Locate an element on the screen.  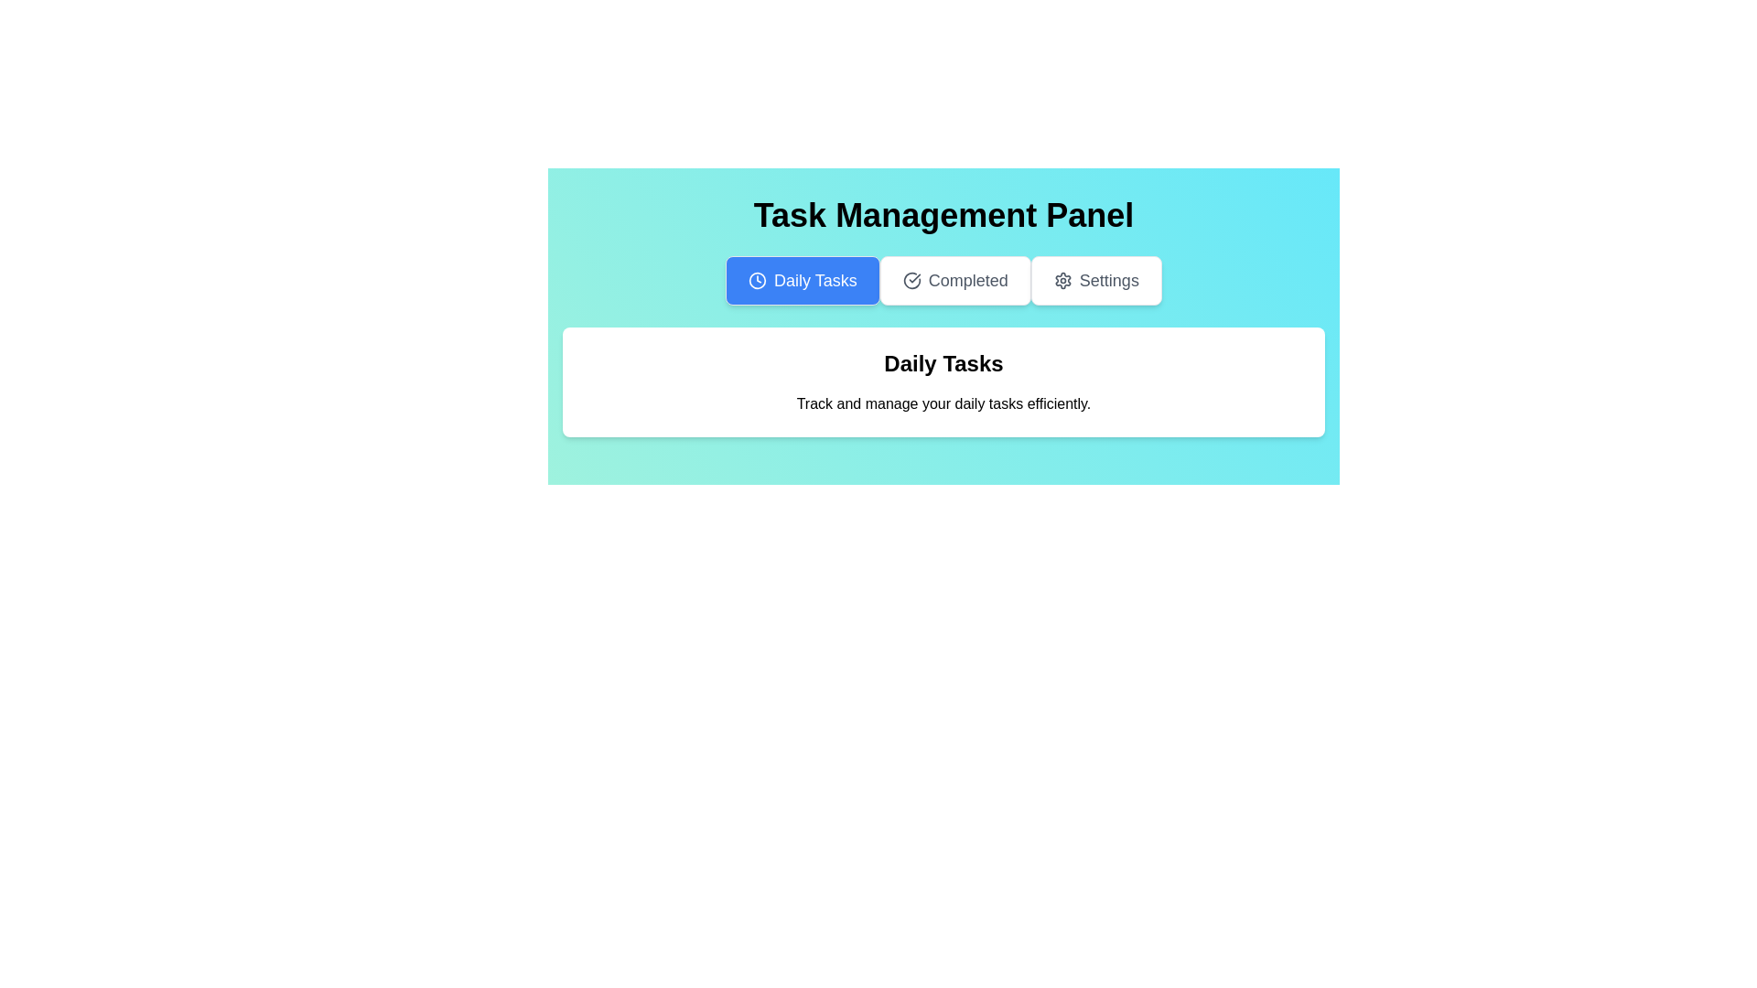
the 'Completed' button that contains the checkmark circle icon, which is located at the top center of the interface is located at coordinates (911, 281).